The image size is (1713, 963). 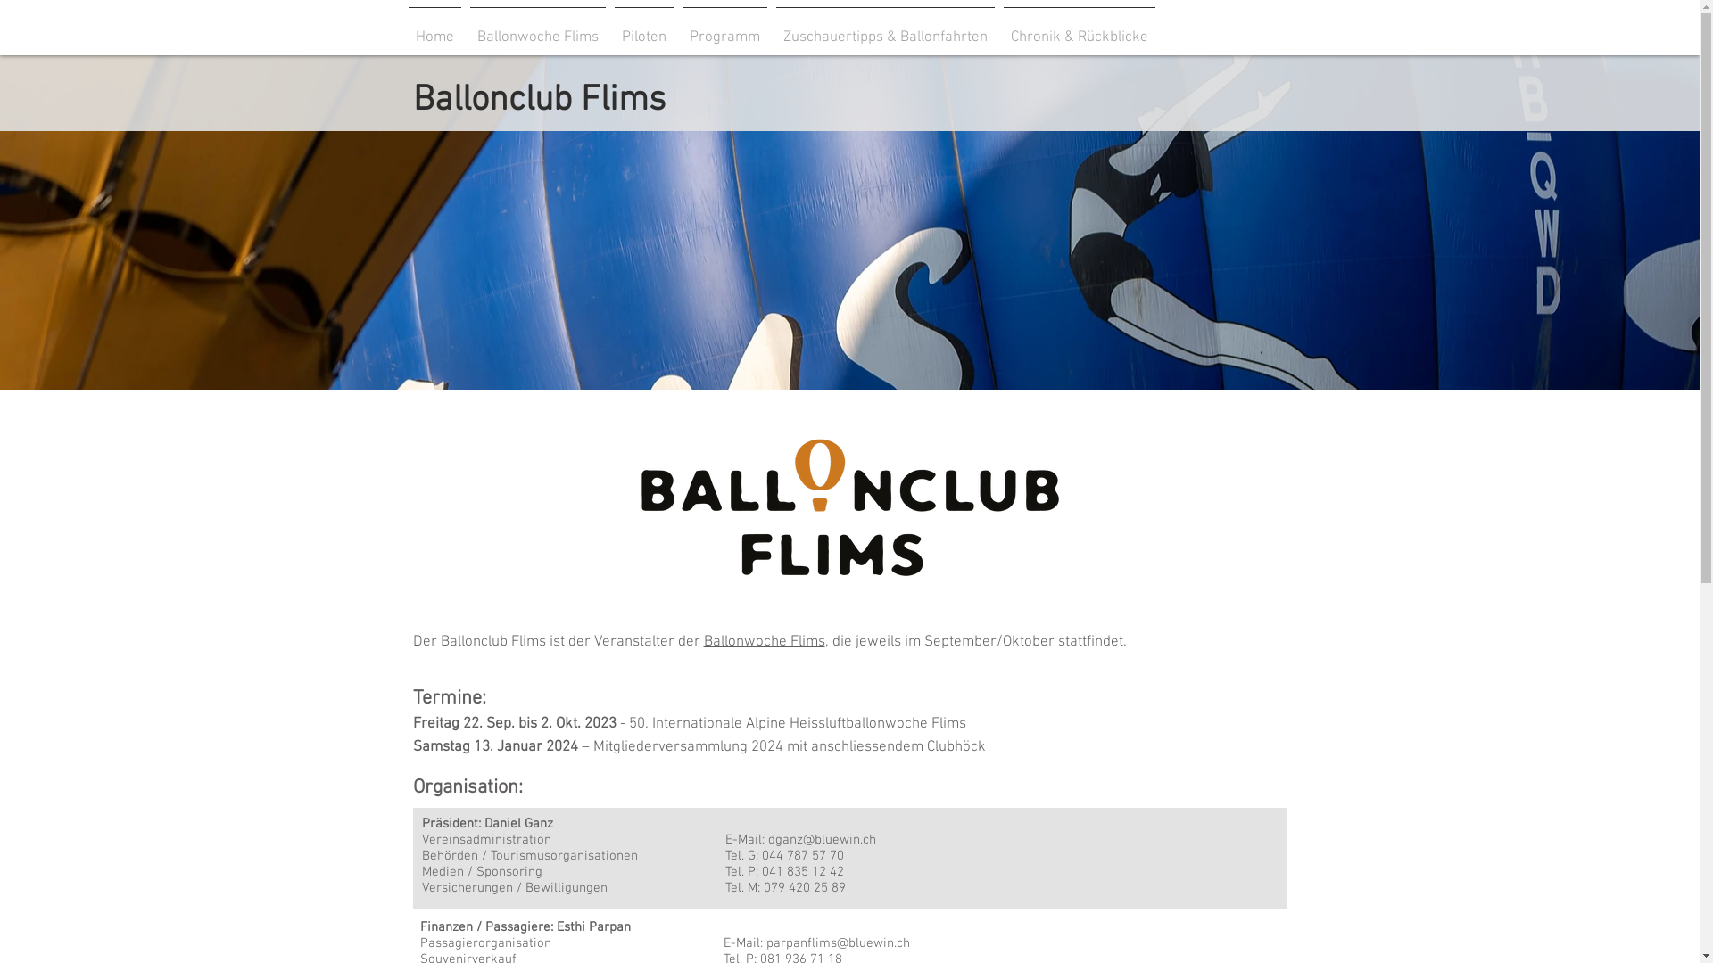 What do you see at coordinates (763, 642) in the screenshot?
I see `'Ballonwoche Flims'` at bounding box center [763, 642].